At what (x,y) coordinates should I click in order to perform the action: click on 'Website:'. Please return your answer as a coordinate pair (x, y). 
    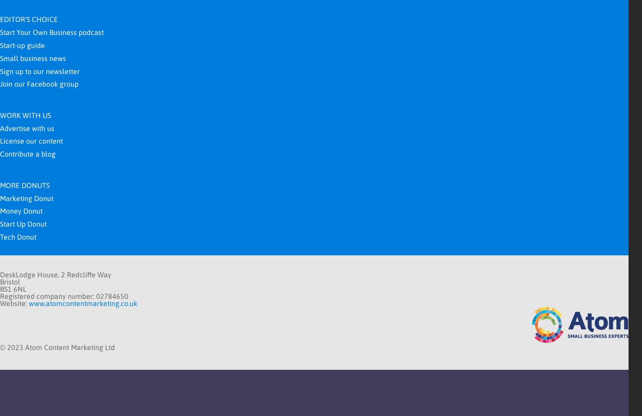
    Looking at the image, I should click on (14, 302).